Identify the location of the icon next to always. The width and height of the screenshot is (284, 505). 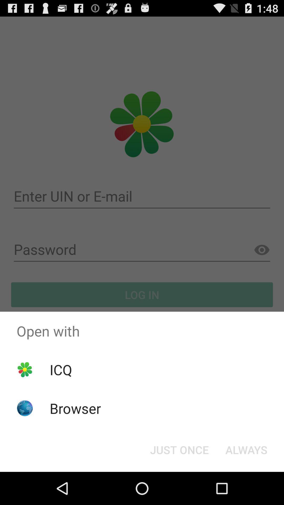
(179, 449).